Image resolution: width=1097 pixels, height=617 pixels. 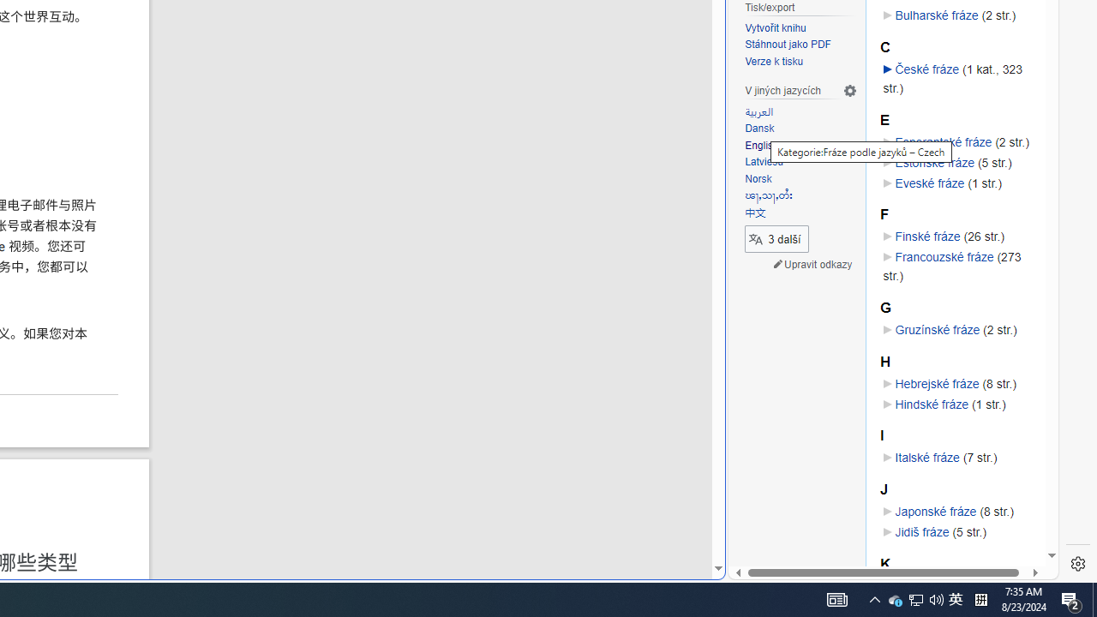 What do you see at coordinates (800, 179) in the screenshot?
I see `'Norsk'` at bounding box center [800, 179].